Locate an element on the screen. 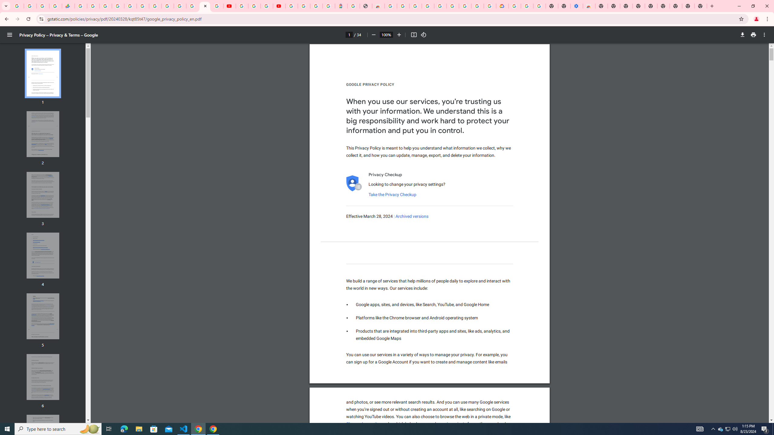 This screenshot has height=435, width=774. 'Zoom level' is located at coordinates (386, 34).